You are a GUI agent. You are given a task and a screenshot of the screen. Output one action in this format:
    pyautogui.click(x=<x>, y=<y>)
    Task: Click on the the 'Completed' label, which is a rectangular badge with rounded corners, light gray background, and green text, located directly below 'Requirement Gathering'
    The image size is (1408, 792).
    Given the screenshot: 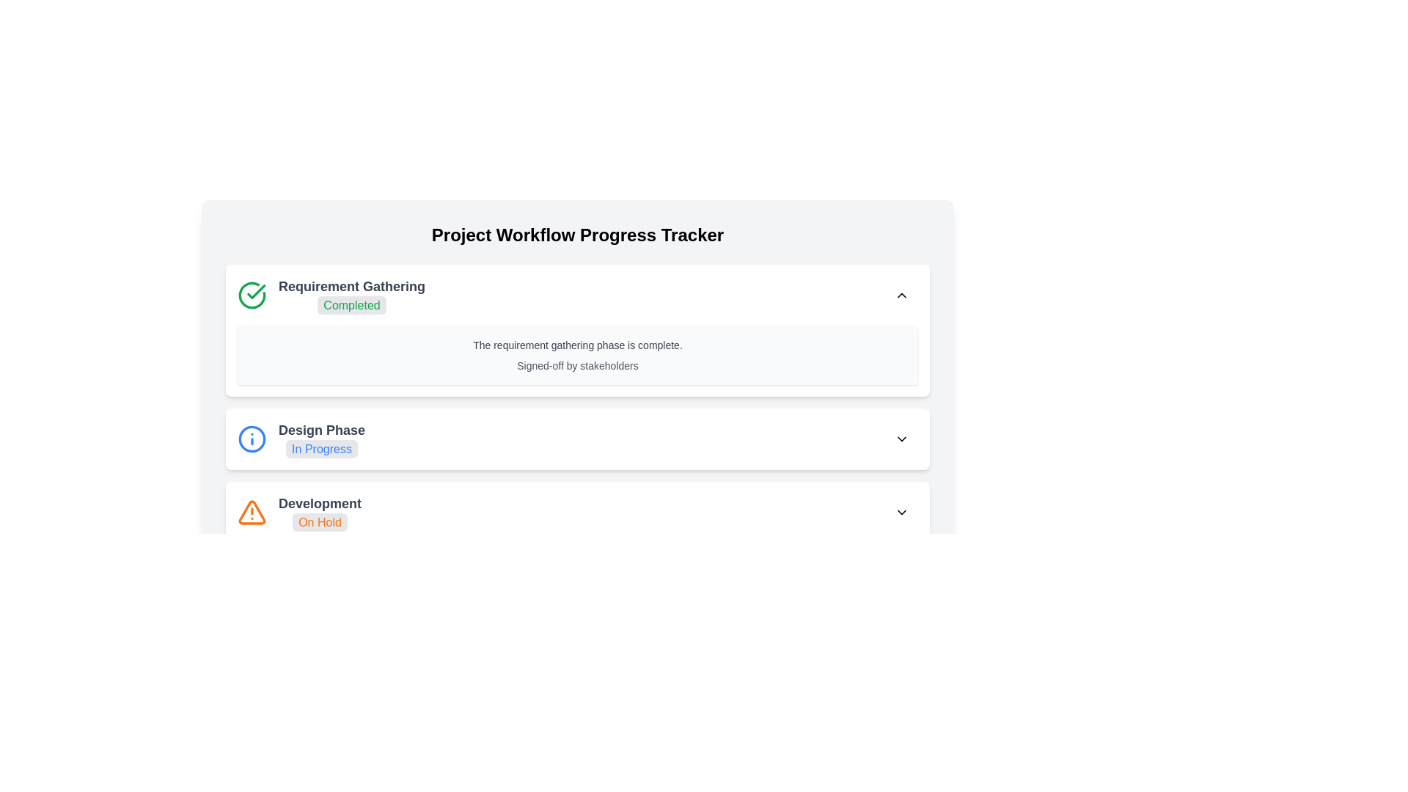 What is the action you would take?
    pyautogui.click(x=352, y=295)
    